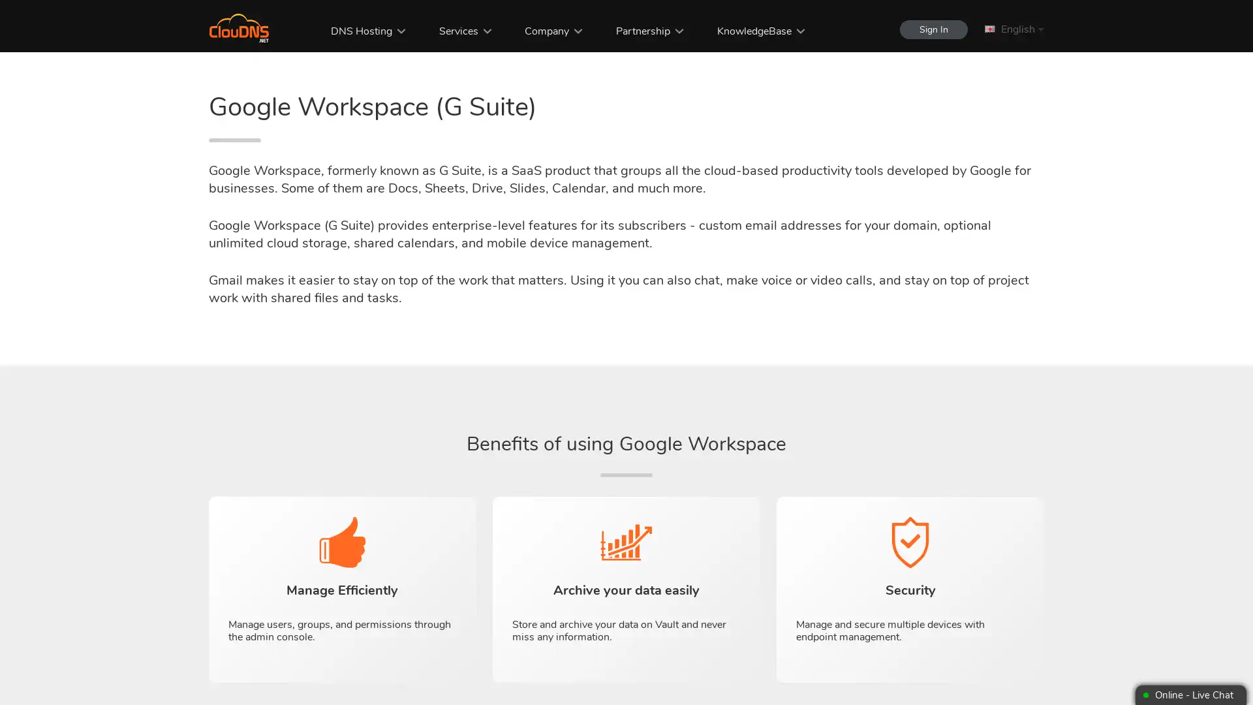 This screenshot has height=705, width=1253. I want to click on Sign In, so click(933, 29).